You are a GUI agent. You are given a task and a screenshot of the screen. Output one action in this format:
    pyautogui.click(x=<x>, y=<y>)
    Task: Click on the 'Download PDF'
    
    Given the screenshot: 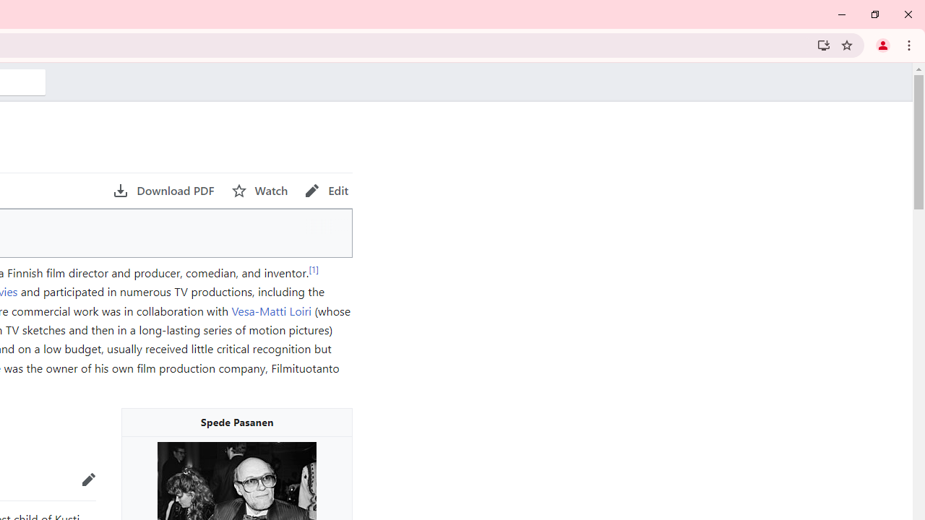 What is the action you would take?
    pyautogui.click(x=163, y=190)
    